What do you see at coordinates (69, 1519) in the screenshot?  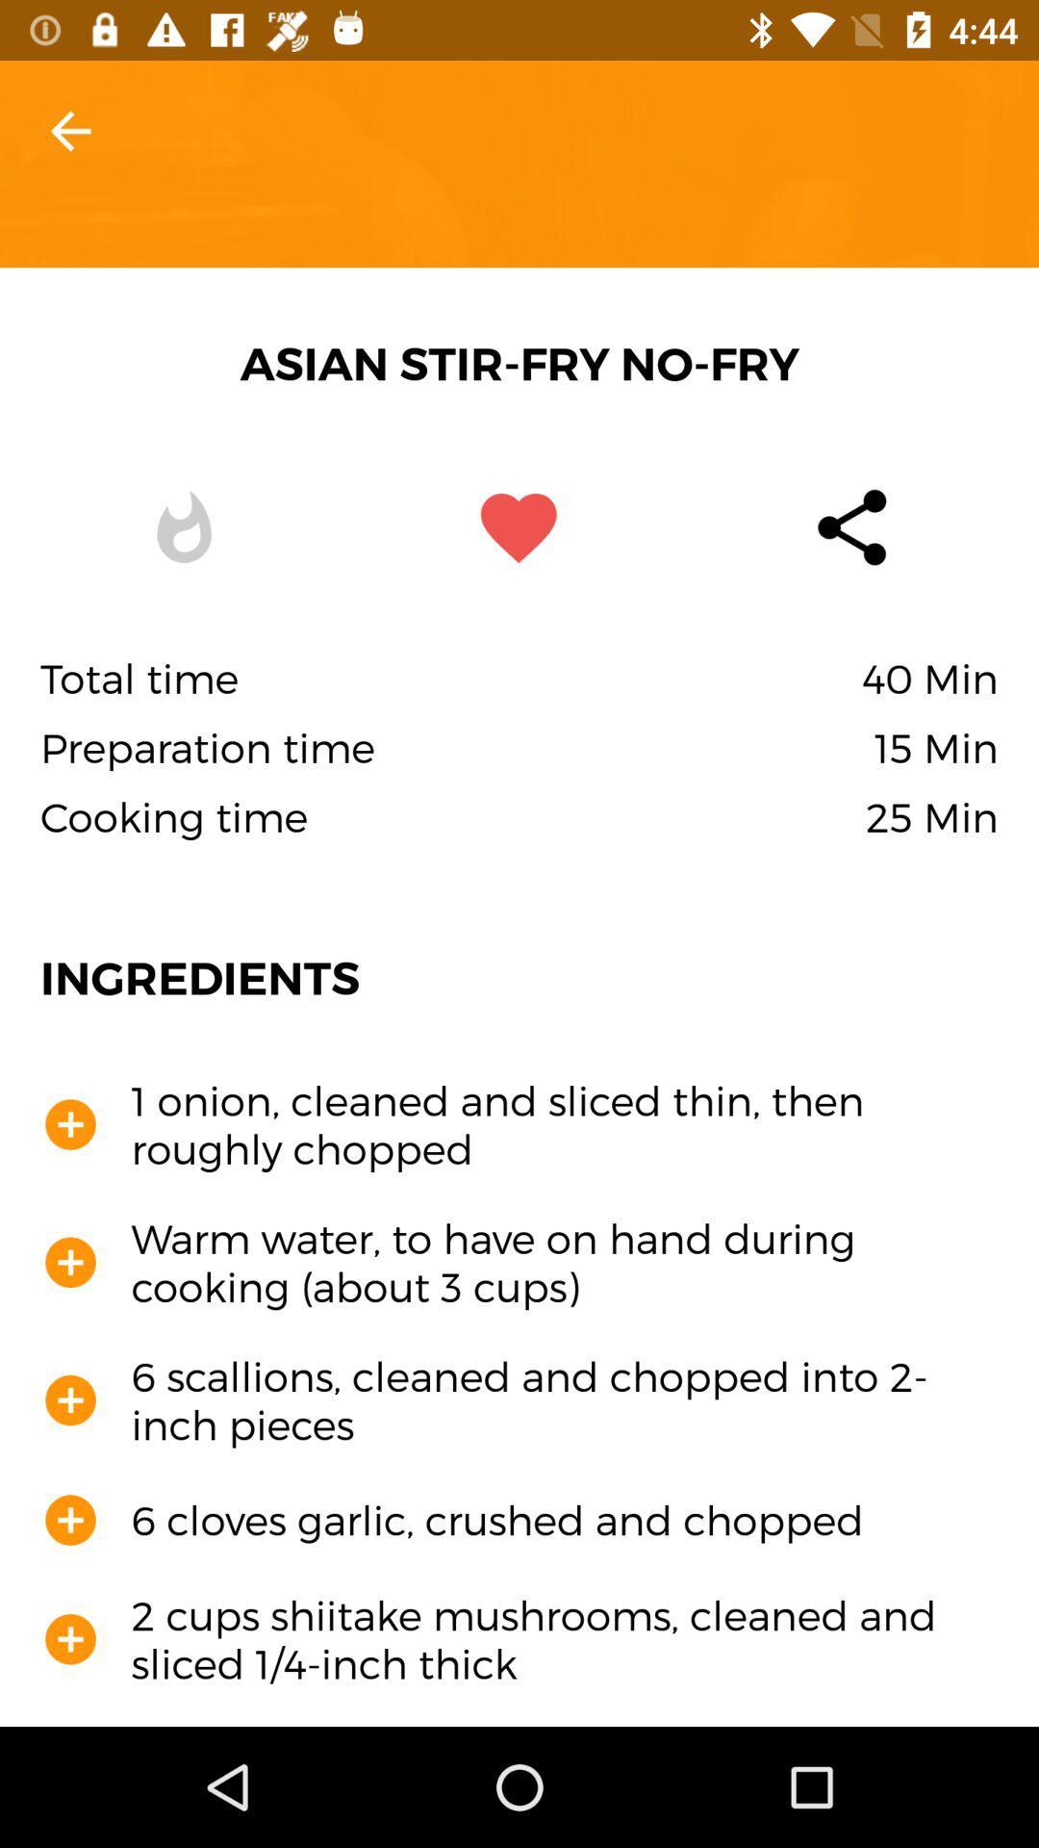 I see `the fourth add icon below the ingredients` at bounding box center [69, 1519].